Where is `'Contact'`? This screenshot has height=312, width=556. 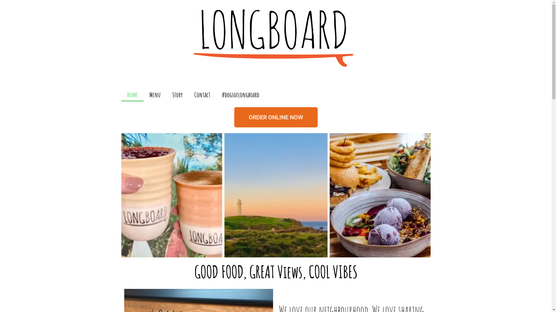
'Contact' is located at coordinates (202, 94).